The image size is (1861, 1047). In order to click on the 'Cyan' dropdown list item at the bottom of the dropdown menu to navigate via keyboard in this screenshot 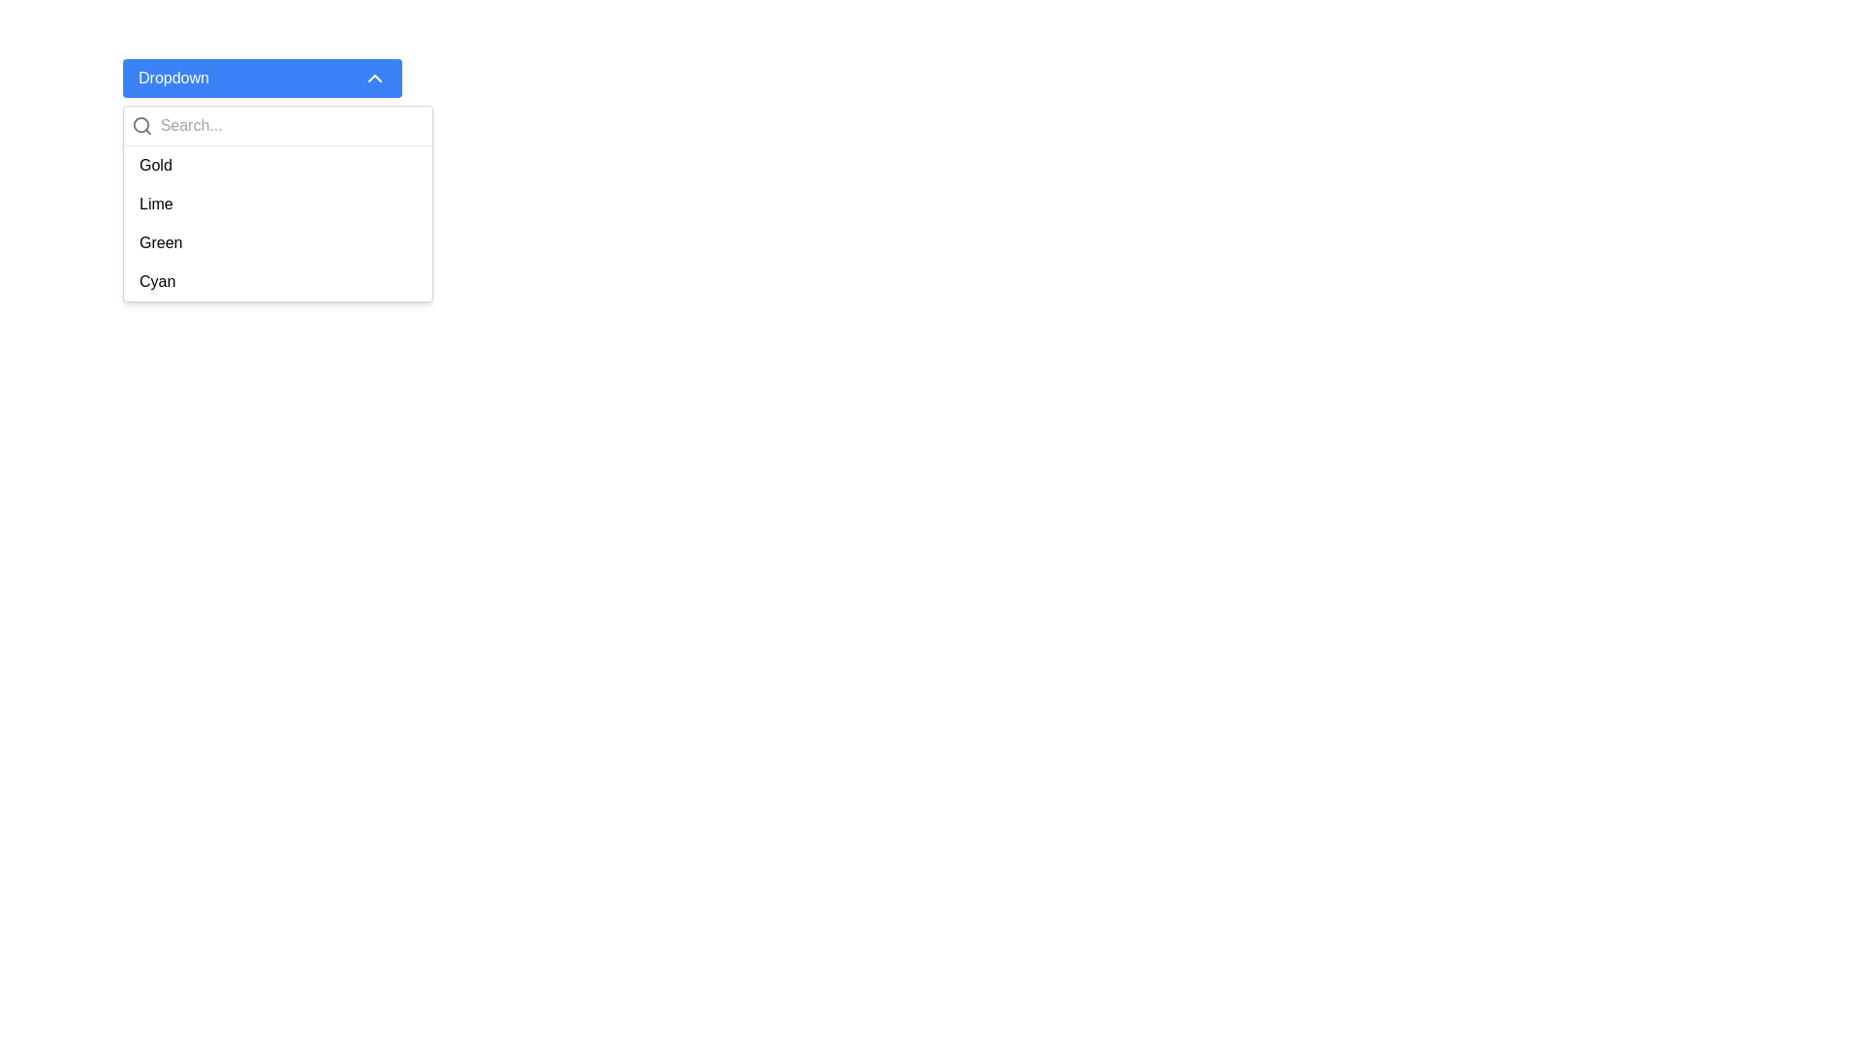, I will do `click(277, 281)`.